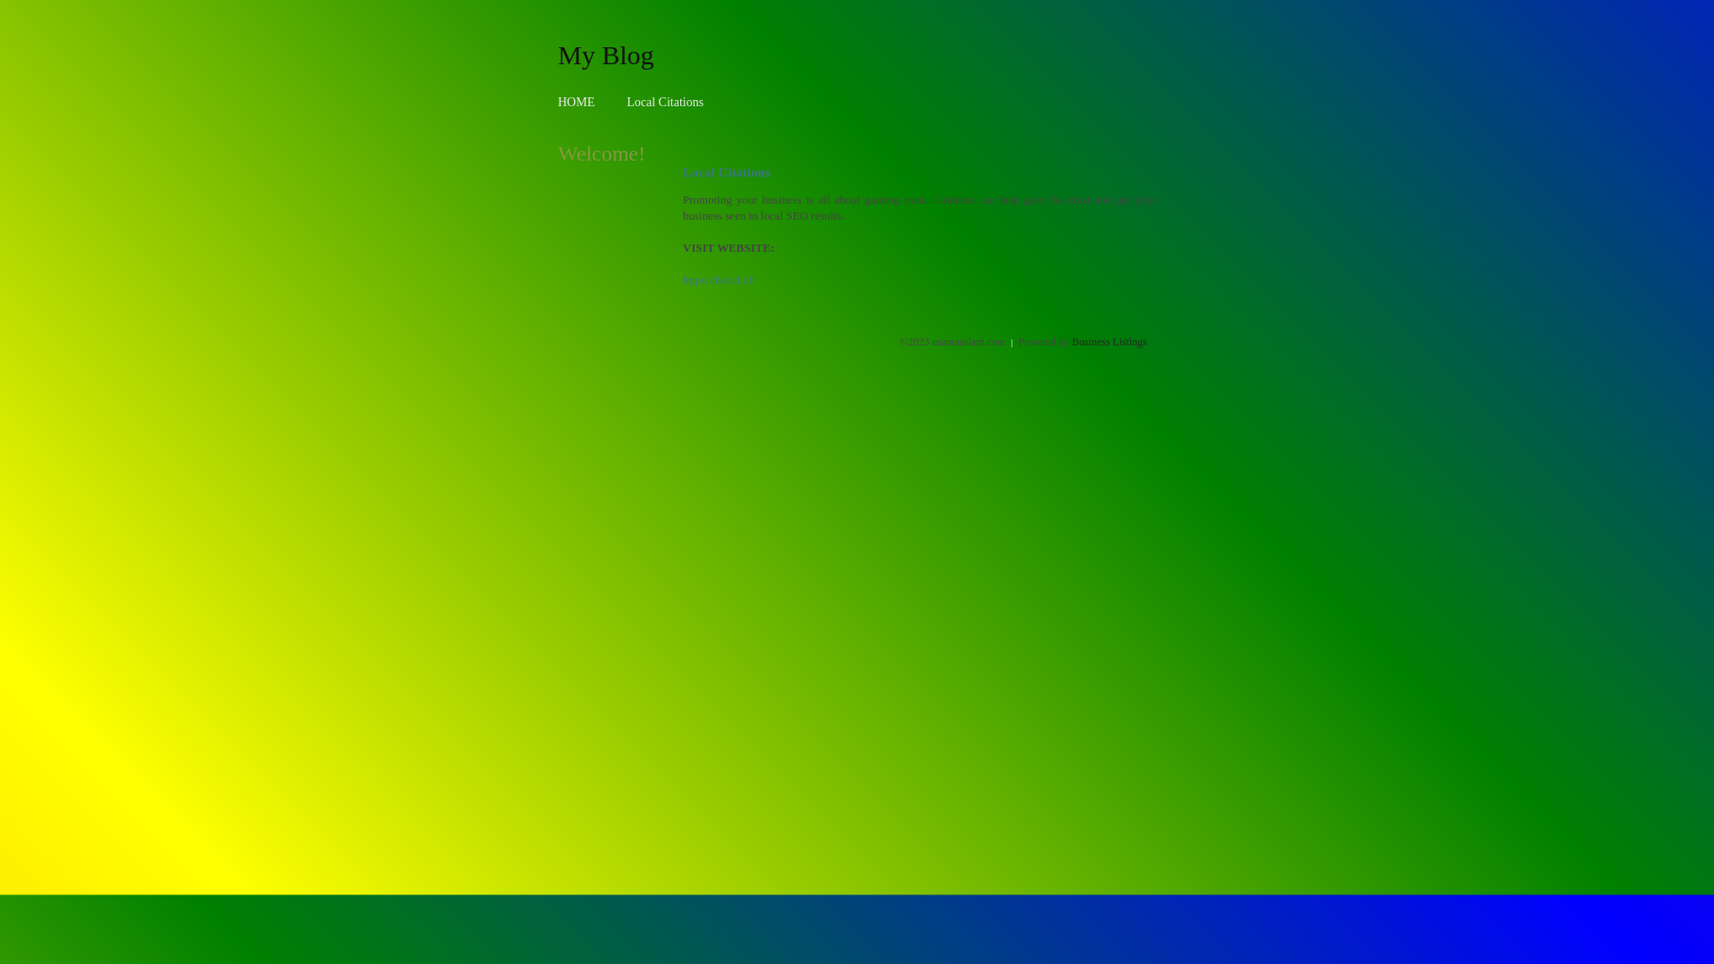 This screenshot has width=1714, height=964. What do you see at coordinates (556, 102) in the screenshot?
I see `'HOME'` at bounding box center [556, 102].